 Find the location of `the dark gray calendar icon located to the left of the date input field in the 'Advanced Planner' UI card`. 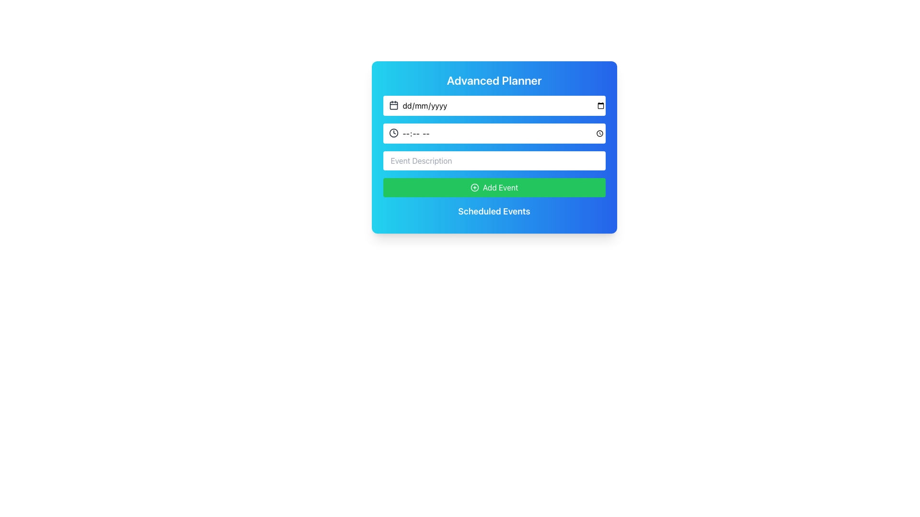

the dark gray calendar icon located to the left of the date input field in the 'Advanced Planner' UI card is located at coordinates (393, 105).